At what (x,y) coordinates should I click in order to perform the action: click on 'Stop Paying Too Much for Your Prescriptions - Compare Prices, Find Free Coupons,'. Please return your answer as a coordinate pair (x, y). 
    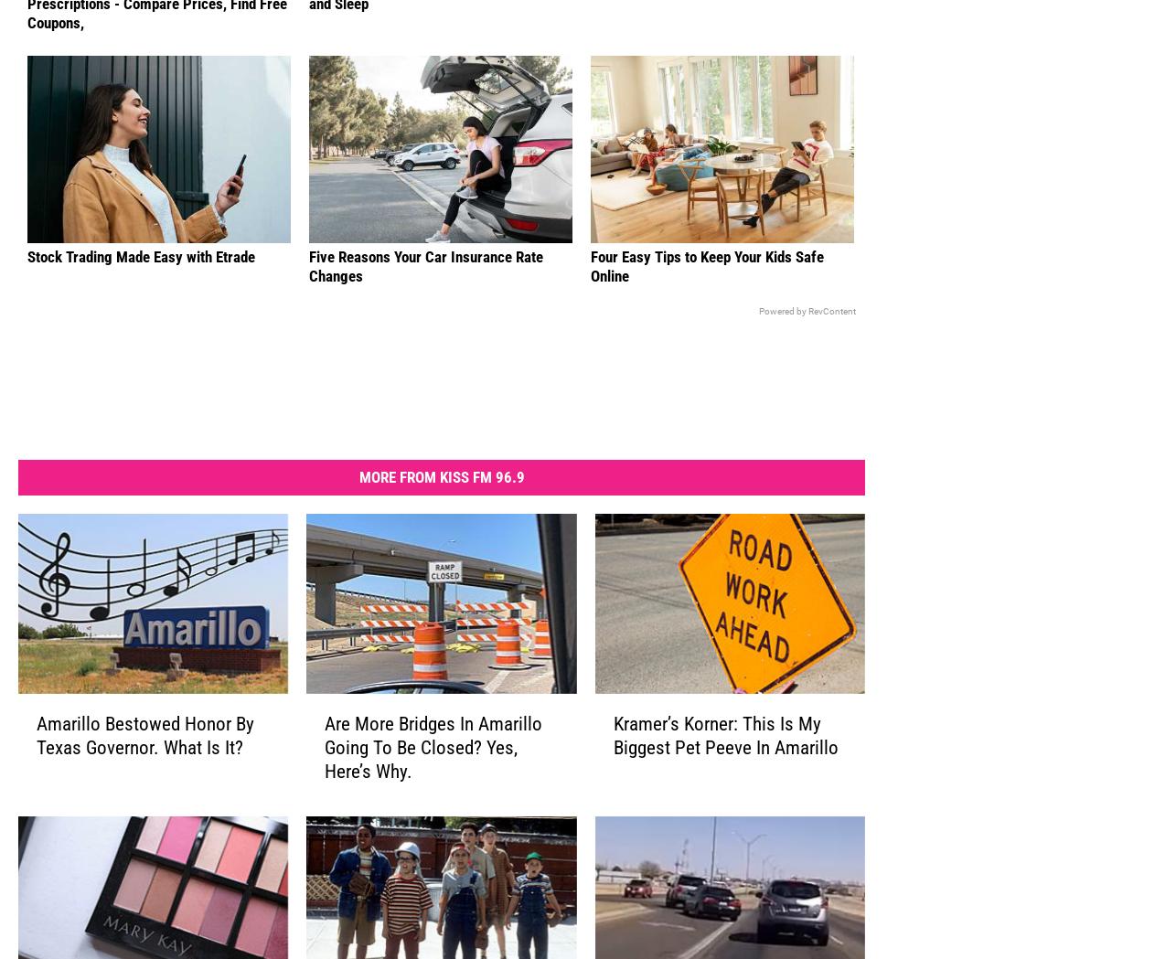
    Looking at the image, I should click on (156, 31).